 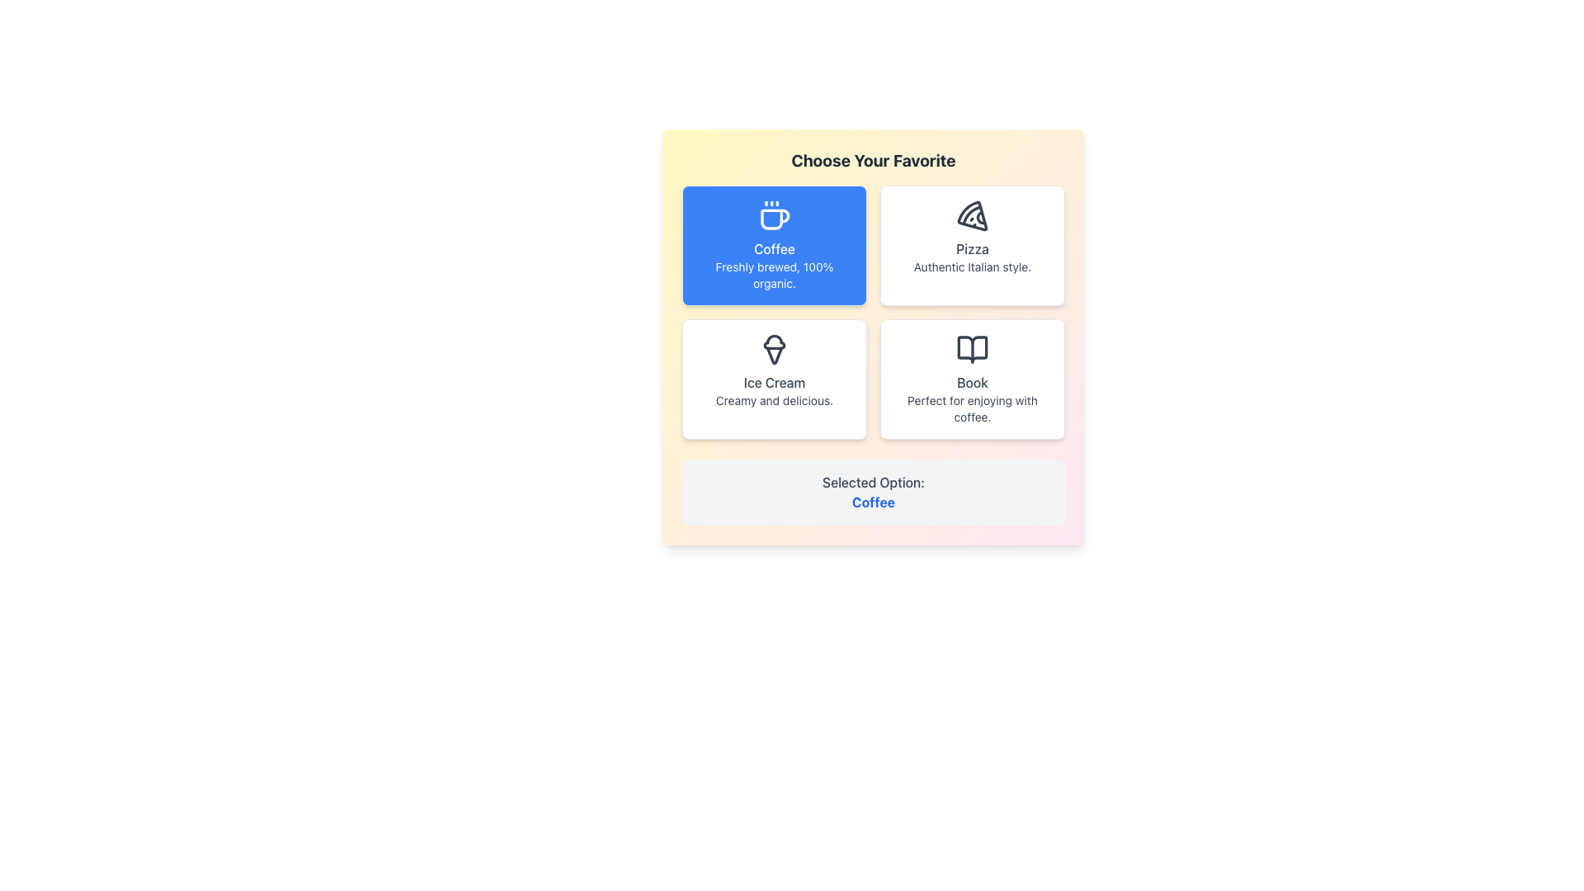 I want to click on the Text Label that provides additional context for the 'Pizza' option within the rectangular card, located centrally towards the bottom edge of the card, so click(x=973, y=266).